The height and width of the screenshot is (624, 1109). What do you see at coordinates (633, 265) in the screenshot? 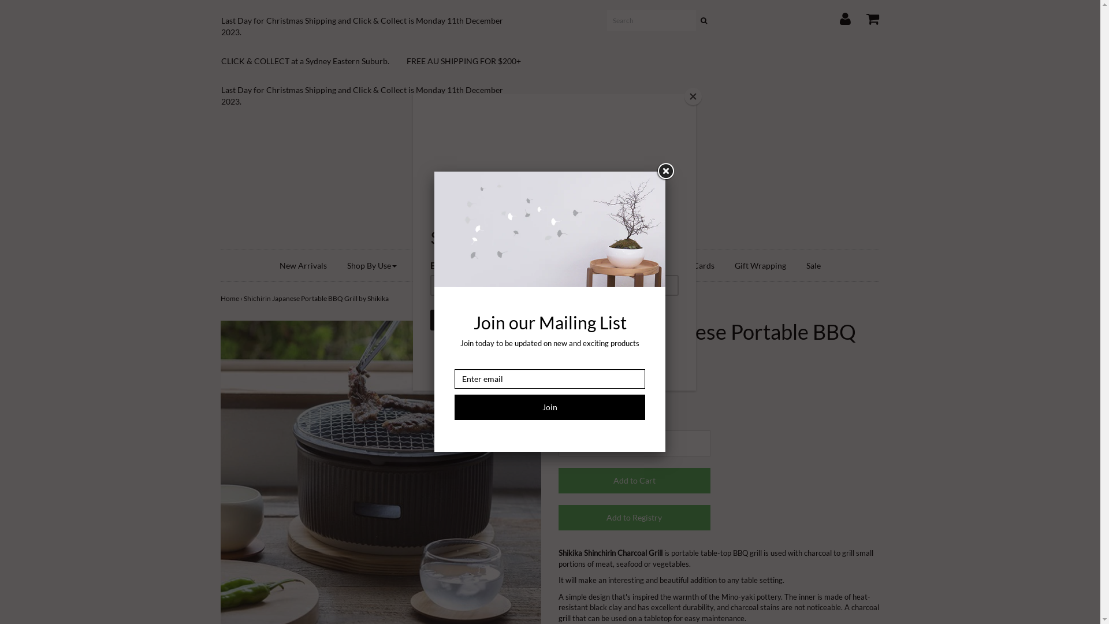
I see `'$50 or under'` at bounding box center [633, 265].